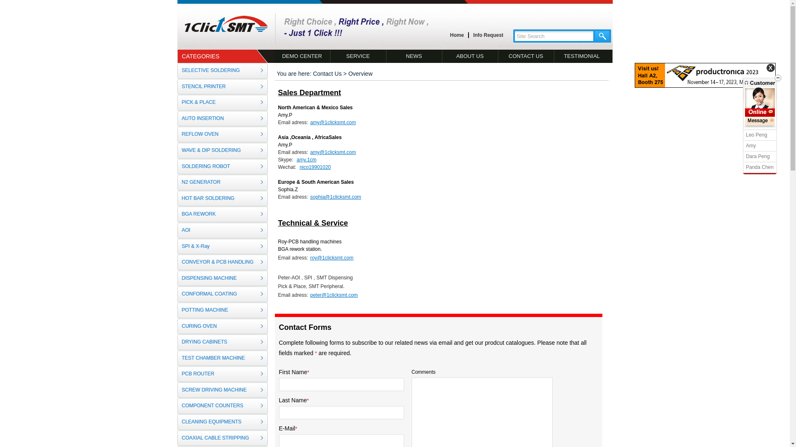  I want to click on 'DEMO CENTER', so click(302, 56).